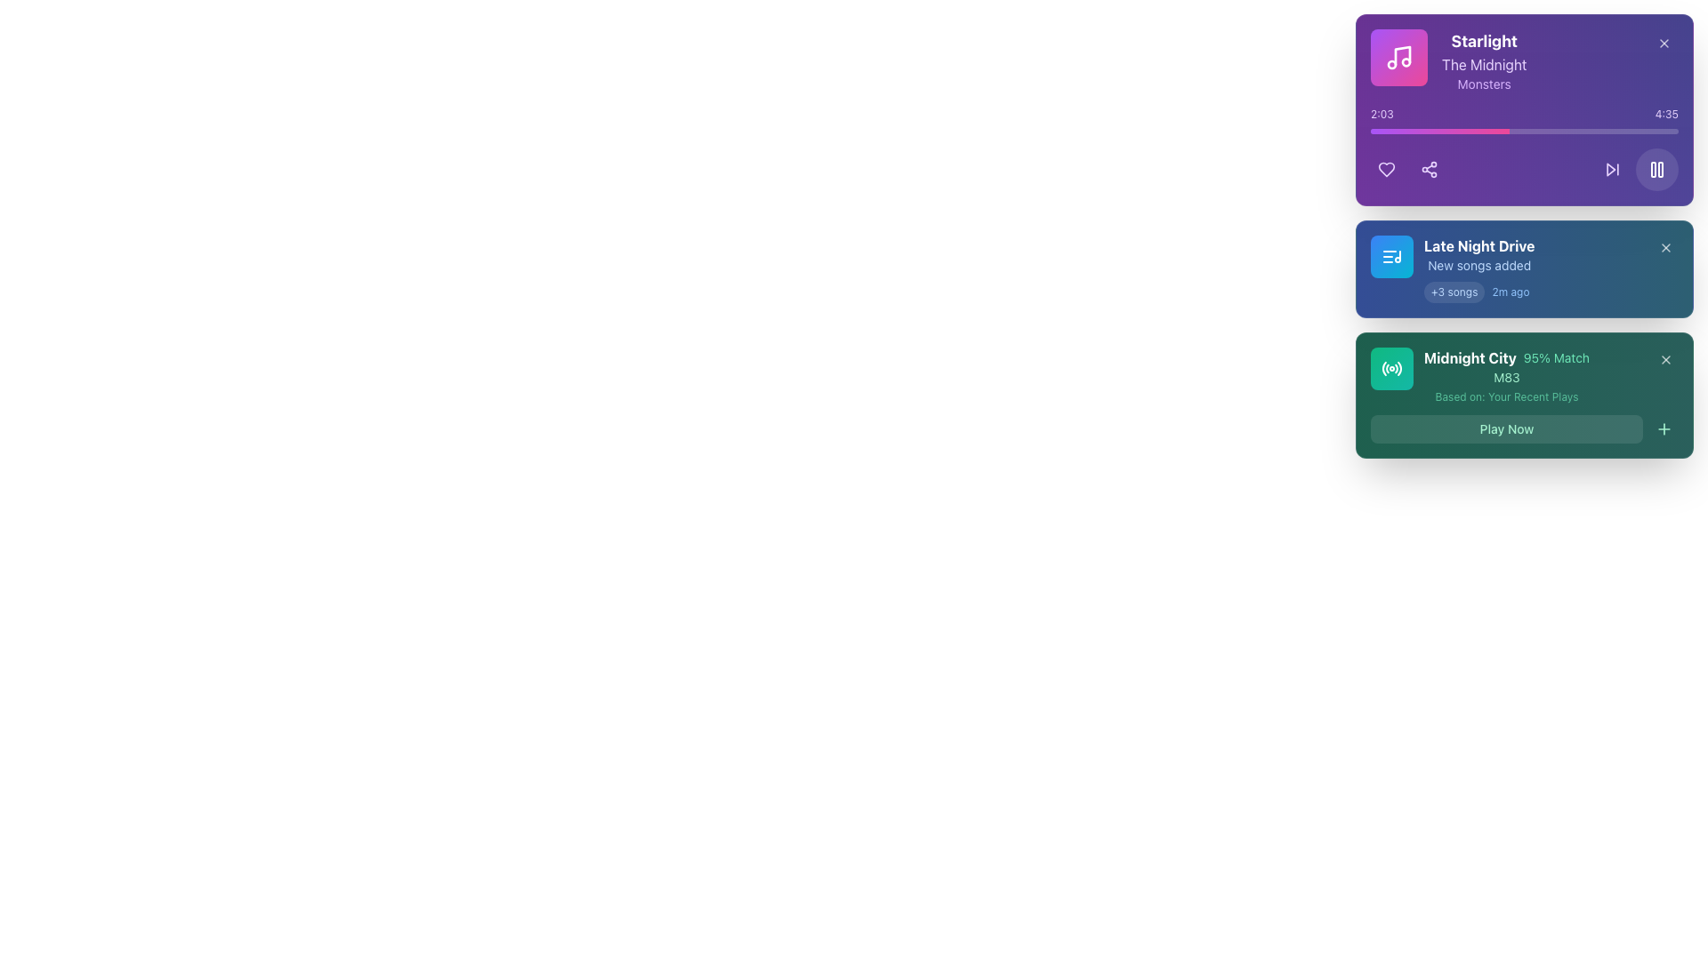 This screenshot has height=960, width=1708. What do you see at coordinates (1430, 170) in the screenshot?
I see `the second button in the horizontal row beneath the playback progress bar of the 'Starlight' music card` at bounding box center [1430, 170].